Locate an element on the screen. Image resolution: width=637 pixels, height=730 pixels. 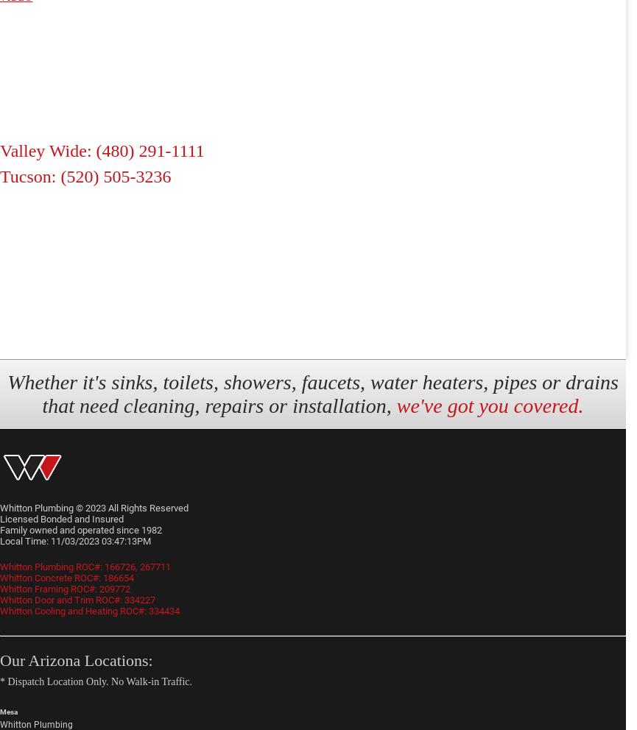
'Local Time: 11/03/2023 03:47:13PM' is located at coordinates (0, 540).